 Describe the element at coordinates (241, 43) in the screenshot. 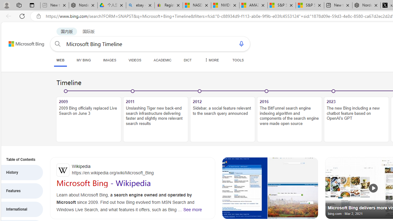

I see `'Search using voice'` at that location.